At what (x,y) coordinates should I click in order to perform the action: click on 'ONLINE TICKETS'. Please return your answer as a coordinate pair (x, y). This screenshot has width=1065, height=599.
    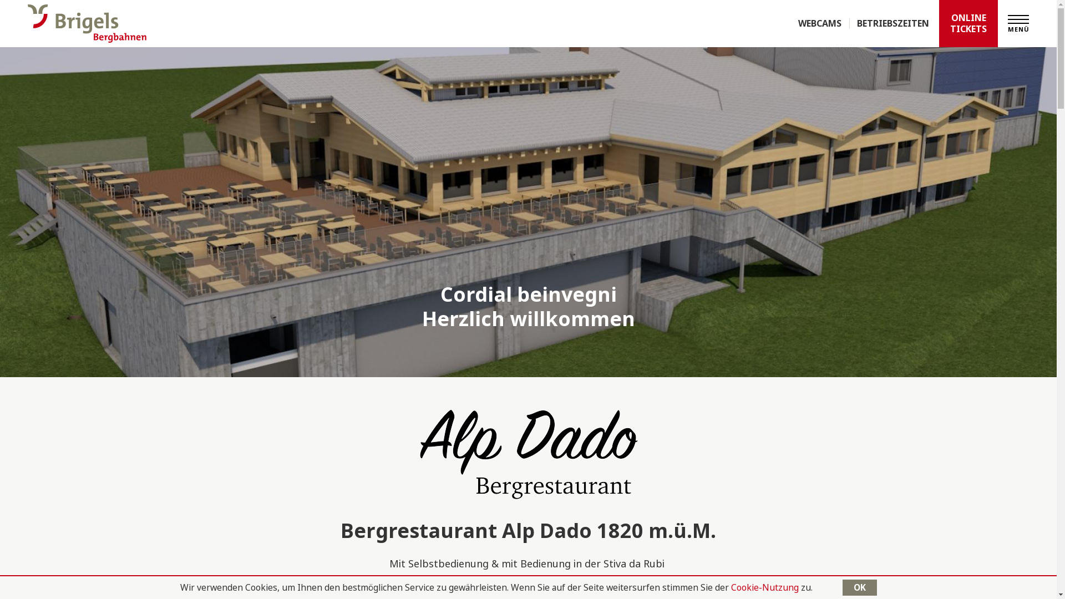
    Looking at the image, I should click on (939, 23).